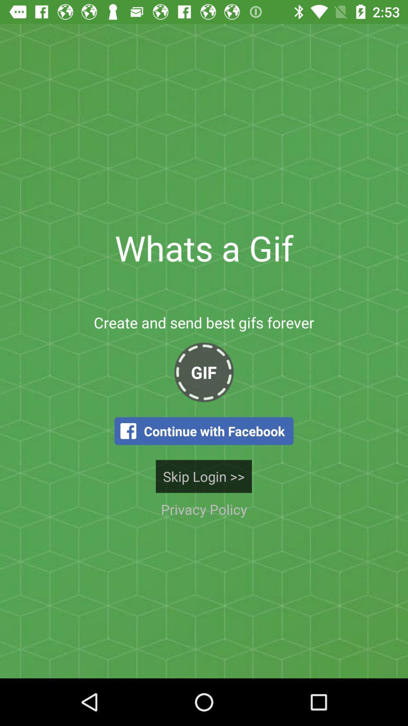 Image resolution: width=408 pixels, height=726 pixels. What do you see at coordinates (203, 476) in the screenshot?
I see `the icon above the privacy policy` at bounding box center [203, 476].